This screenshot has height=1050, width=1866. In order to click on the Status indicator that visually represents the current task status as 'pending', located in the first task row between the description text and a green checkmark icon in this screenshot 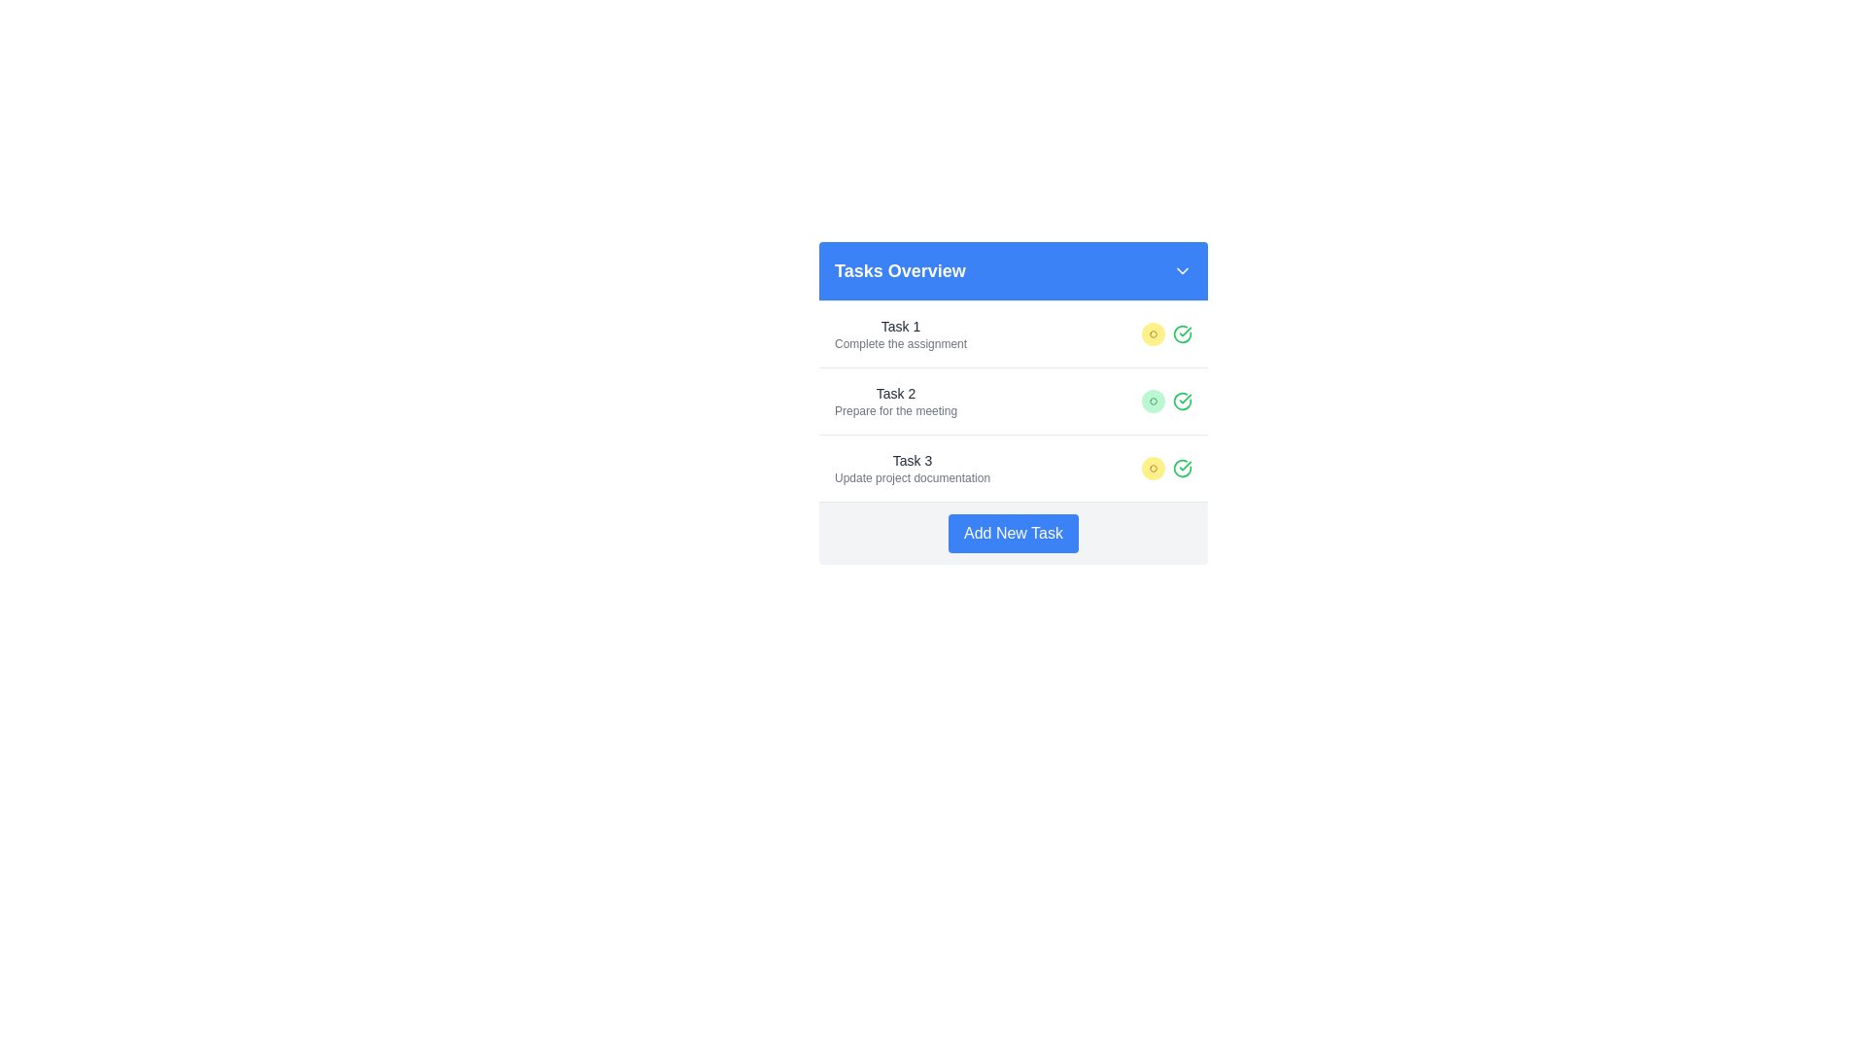, I will do `click(1166, 332)`.